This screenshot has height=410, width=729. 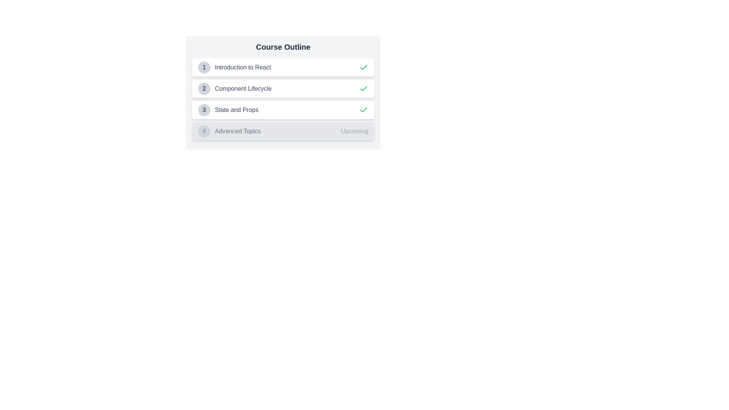 I want to click on the Button-like indicator marking 'Advanced Topics' in the Course Outline, located in the bottom left section of the fourth item, so click(x=204, y=131).